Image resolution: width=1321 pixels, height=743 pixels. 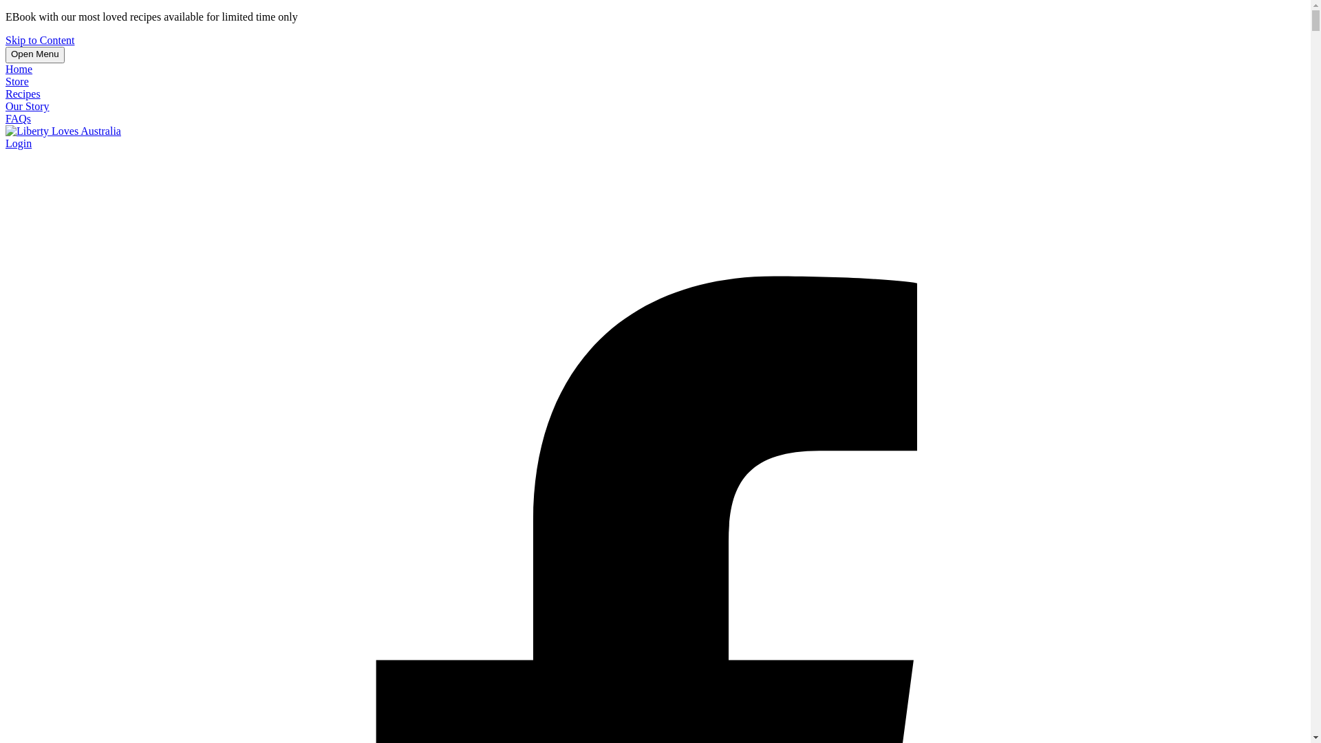 I want to click on 'Skip to Content', so click(x=39, y=39).